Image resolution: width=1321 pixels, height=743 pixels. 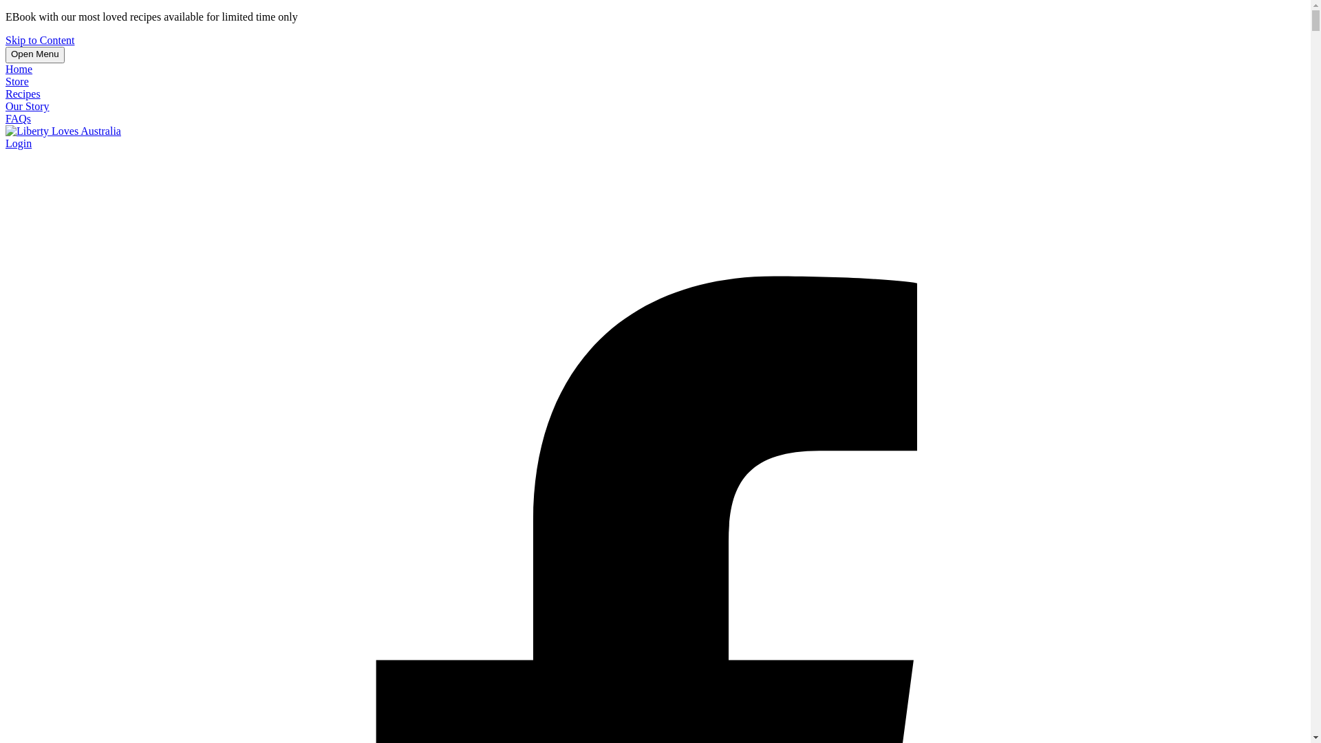 I want to click on 'Skip to Content', so click(x=39, y=39).